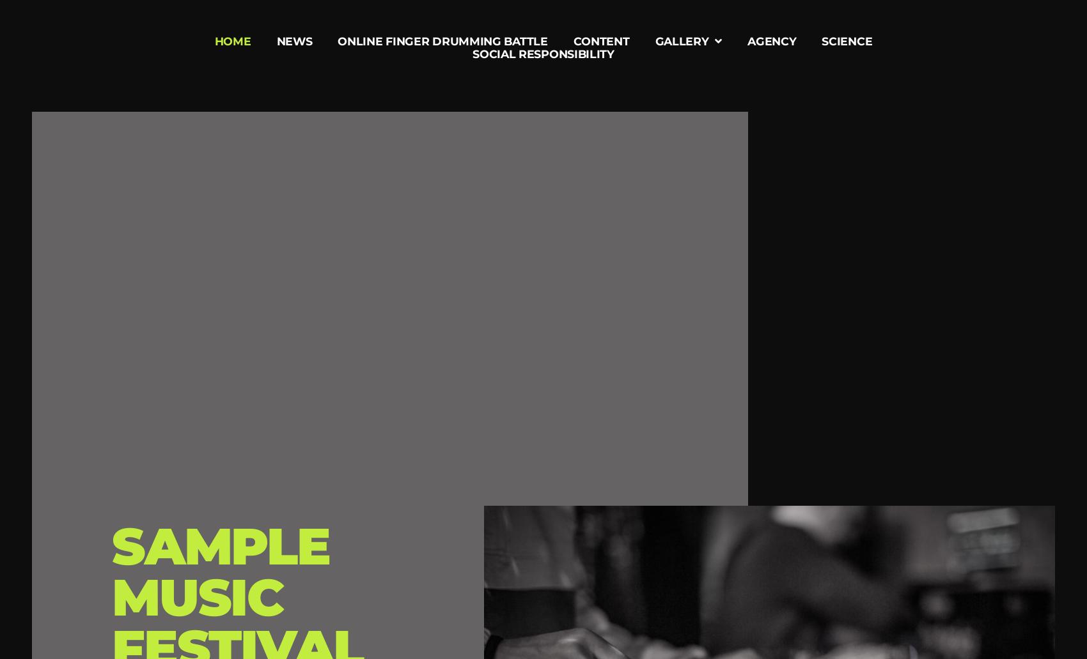 The image size is (1087, 659). Describe the element at coordinates (294, 41) in the screenshot. I see `'News'` at that location.